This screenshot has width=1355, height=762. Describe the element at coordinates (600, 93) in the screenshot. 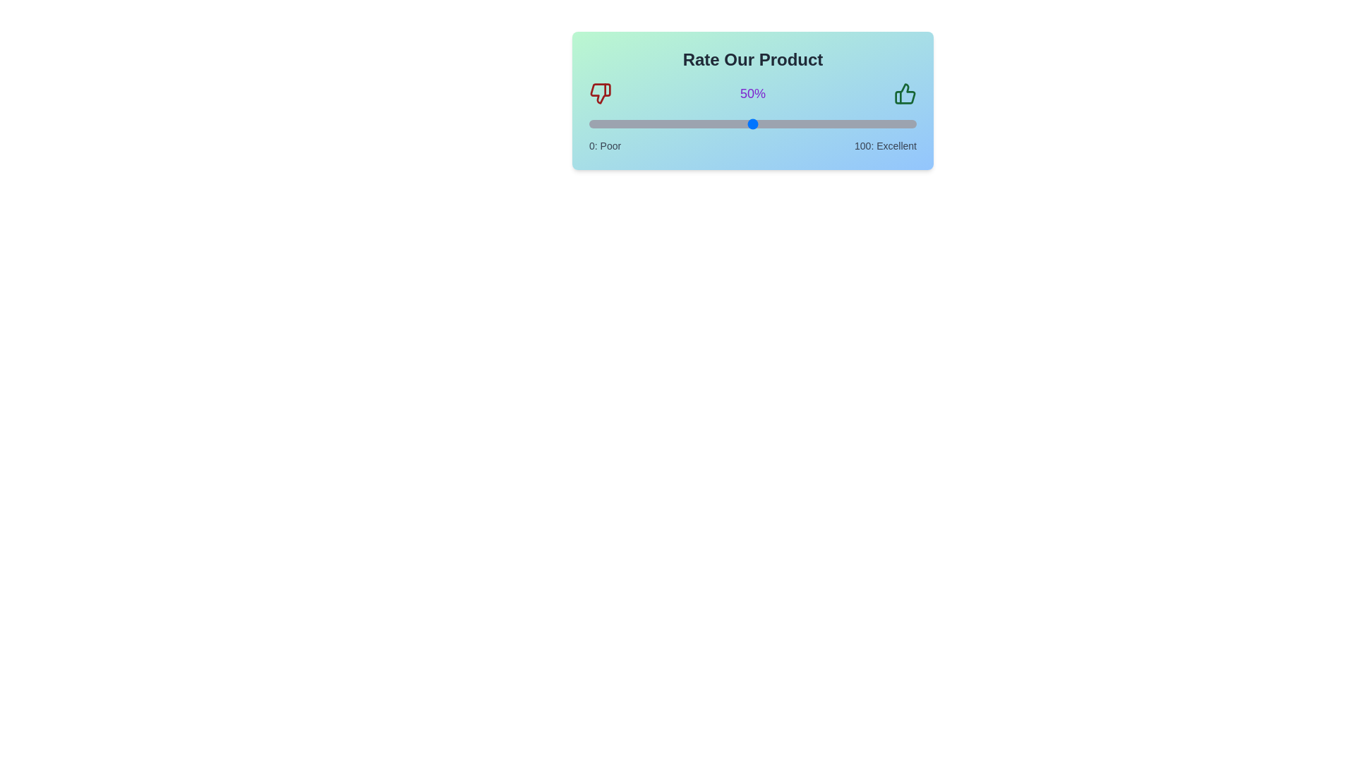

I see `the thumbs down icon to register a negative rating` at that location.